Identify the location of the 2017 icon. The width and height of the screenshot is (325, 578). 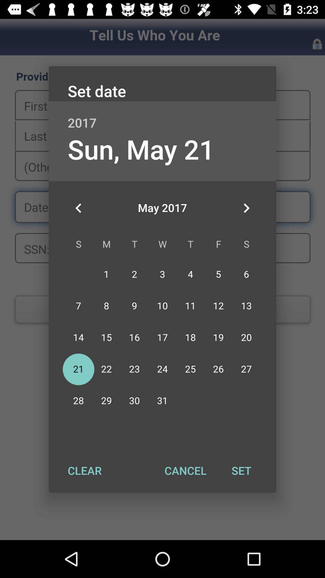
(162, 116).